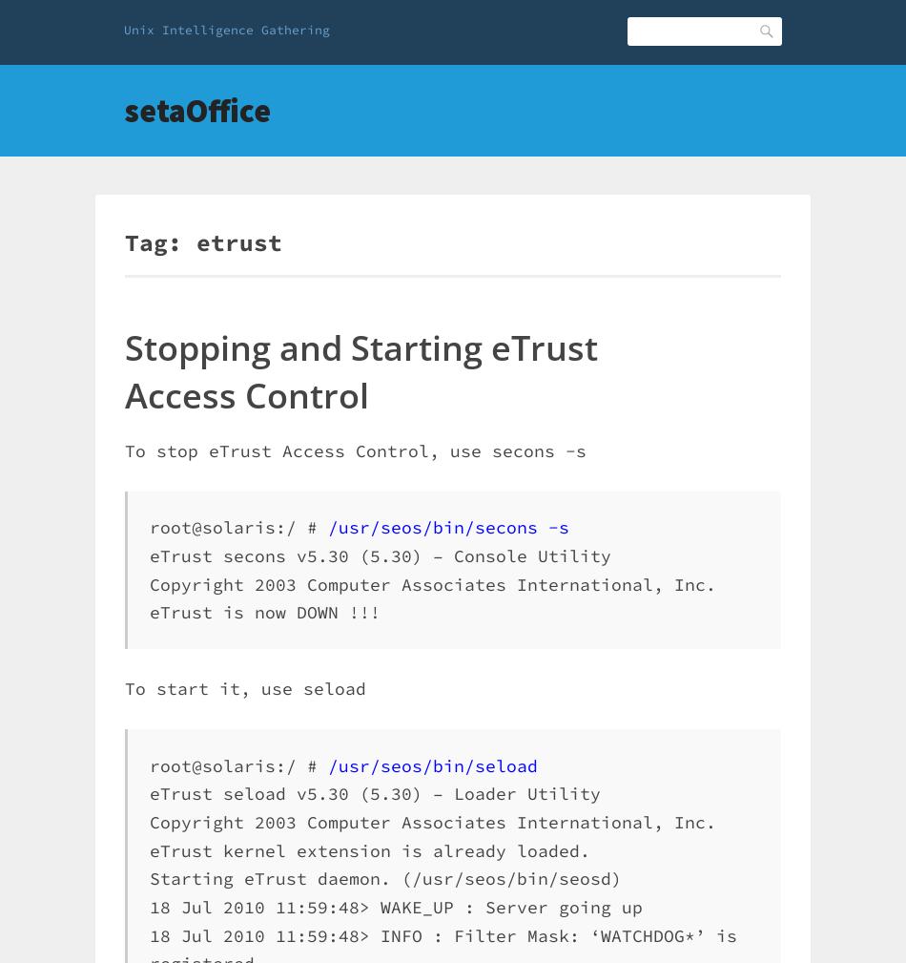 The height and width of the screenshot is (963, 906). I want to click on 'eTrust secons v5.30 (5.30) – Console Utility', so click(380, 555).